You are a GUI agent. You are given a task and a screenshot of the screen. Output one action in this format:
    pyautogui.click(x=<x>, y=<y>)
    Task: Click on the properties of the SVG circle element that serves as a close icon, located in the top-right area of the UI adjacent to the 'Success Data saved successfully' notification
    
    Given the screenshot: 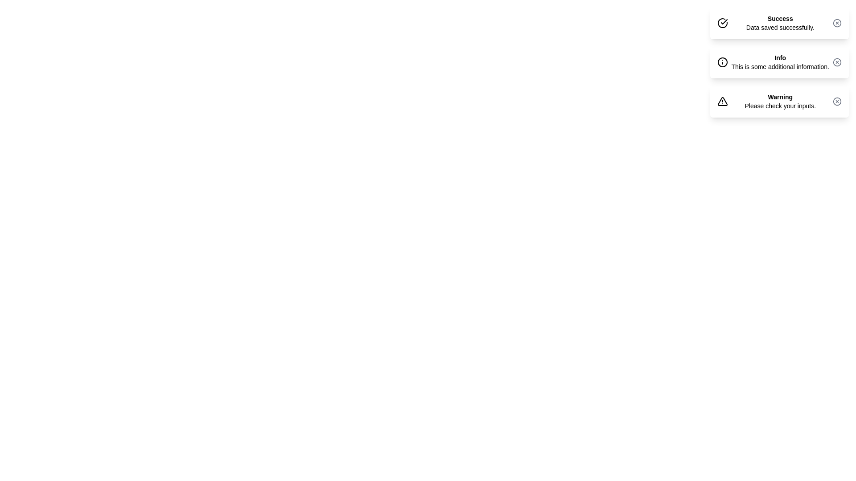 What is the action you would take?
    pyautogui.click(x=836, y=22)
    